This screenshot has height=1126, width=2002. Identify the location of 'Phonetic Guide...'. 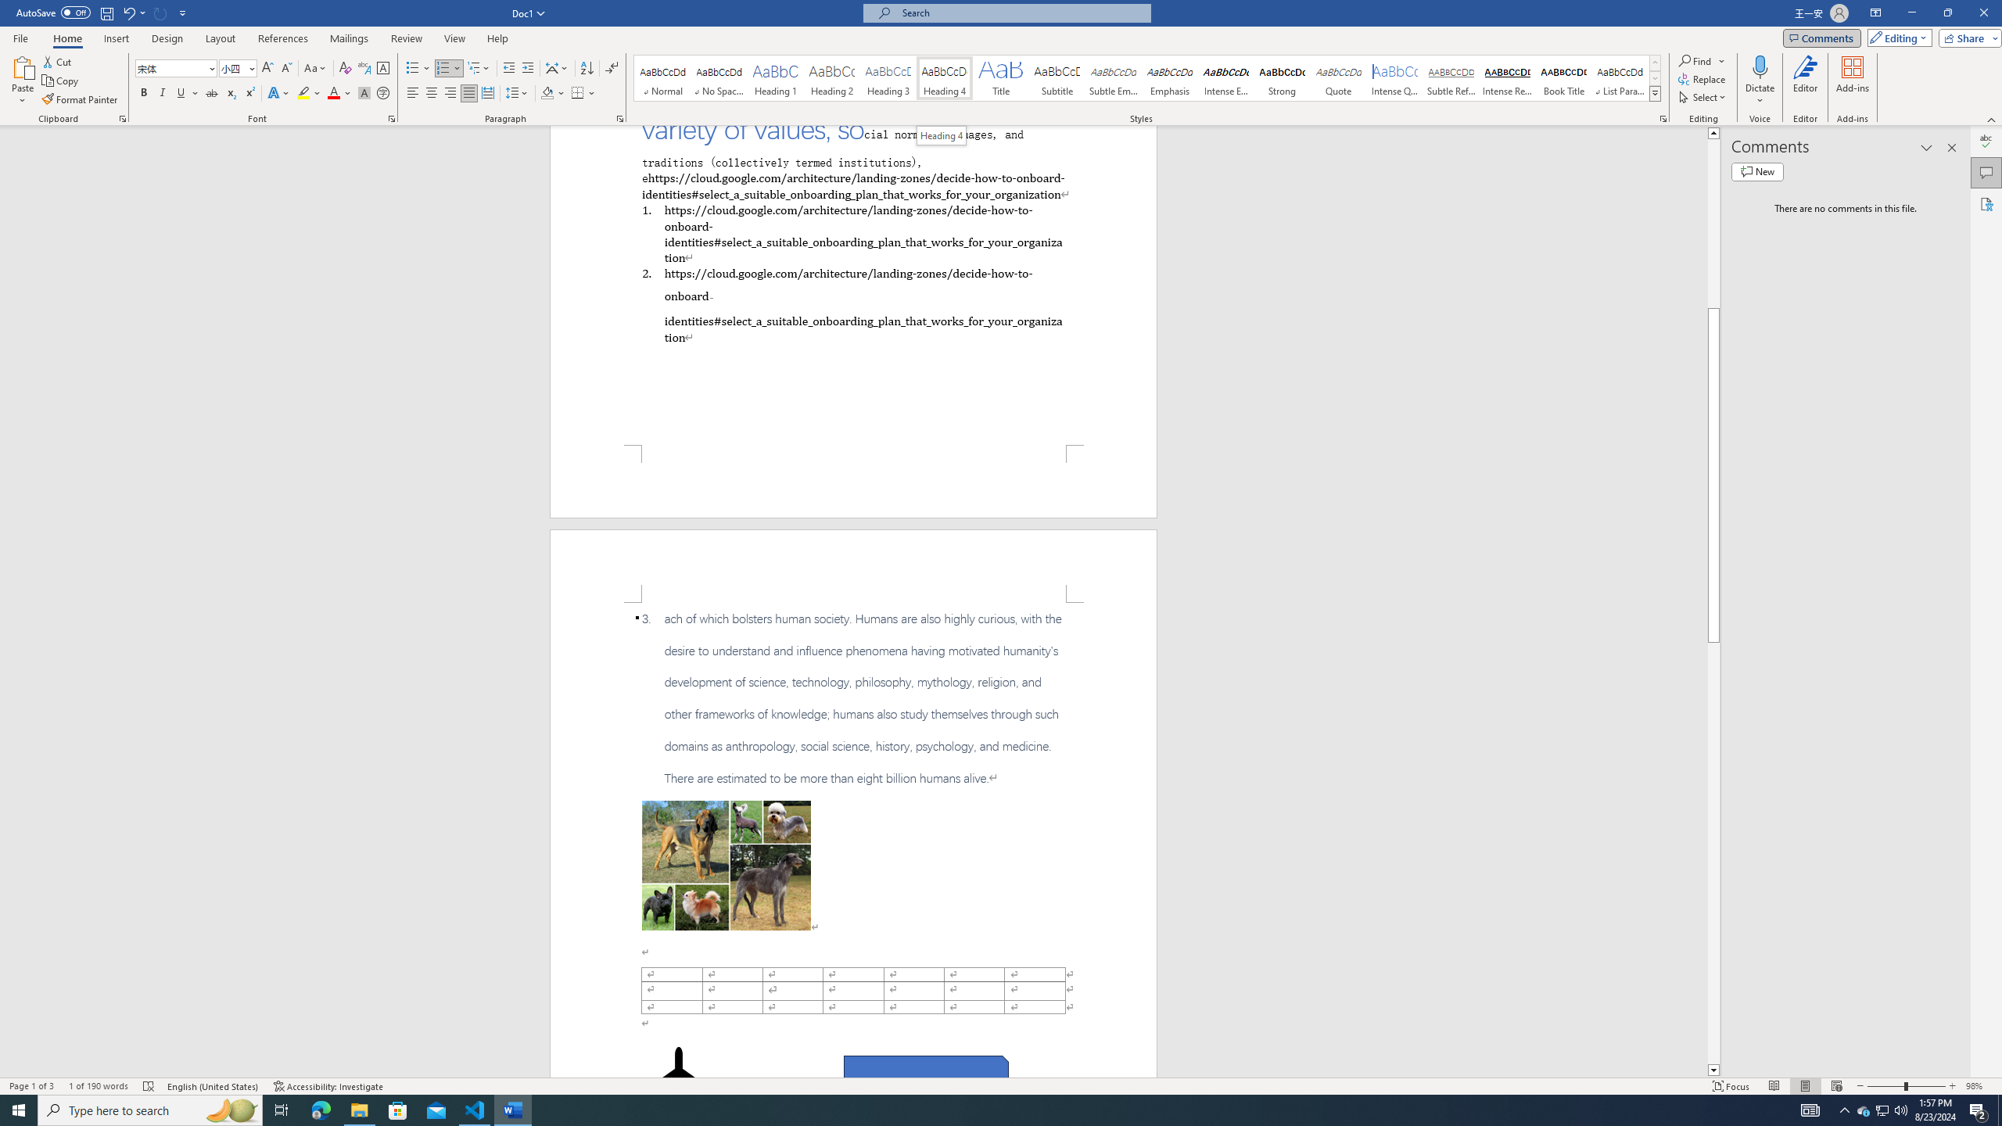
(363, 68).